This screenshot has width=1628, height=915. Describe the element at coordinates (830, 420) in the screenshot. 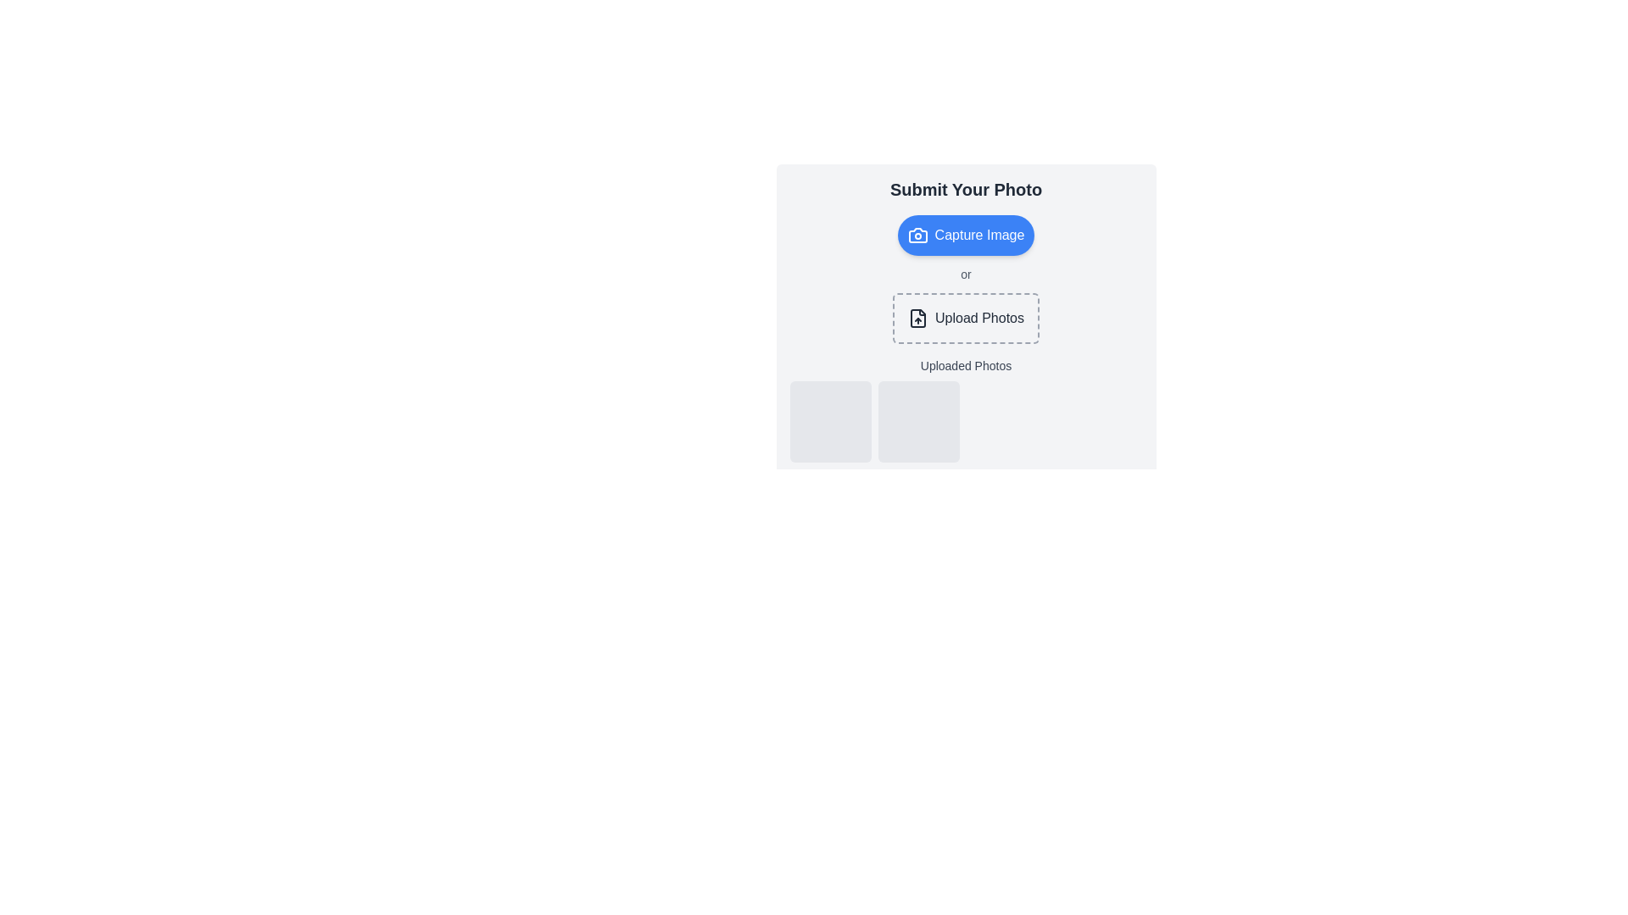

I see `the first square-shaped placeholder in the 'Uploaded Photos' section, which has a light gray background and rounded corners` at that location.